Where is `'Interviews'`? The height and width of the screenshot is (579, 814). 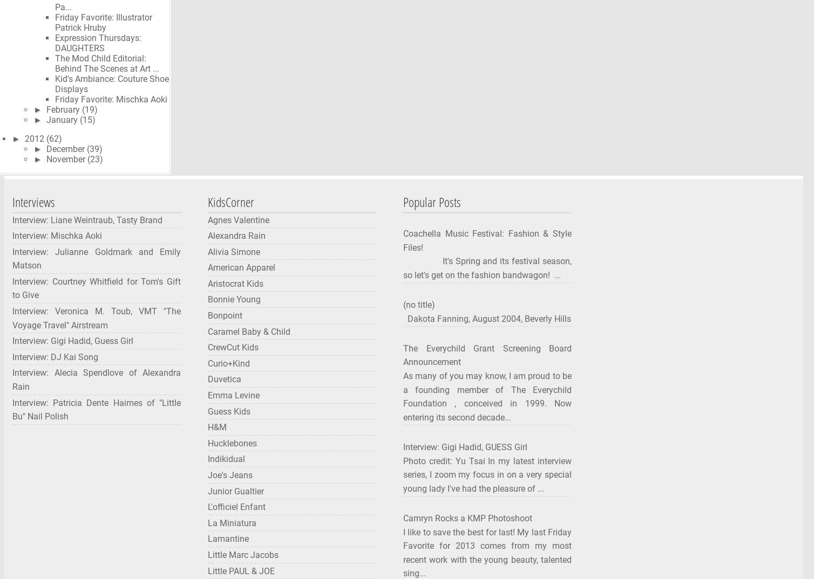
'Interviews' is located at coordinates (33, 201).